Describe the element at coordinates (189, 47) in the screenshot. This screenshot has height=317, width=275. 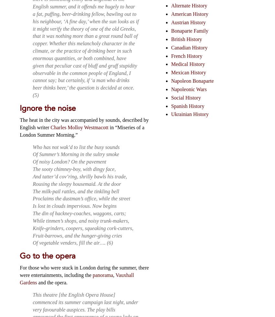
I see `'Canadian History'` at that location.